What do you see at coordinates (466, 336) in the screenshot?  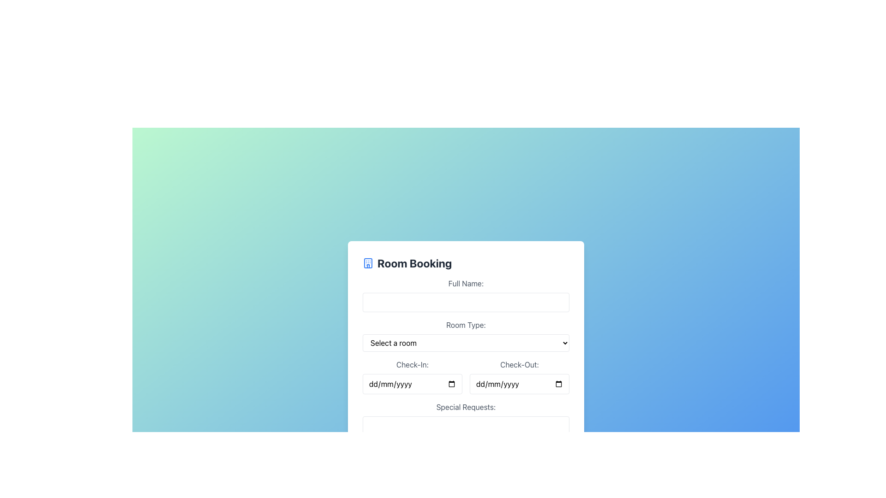 I see `the 'Room Type' dropdown menu` at bounding box center [466, 336].